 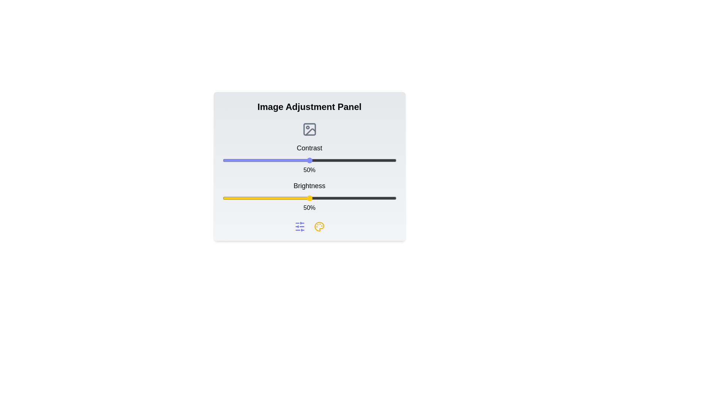 What do you see at coordinates (375, 160) in the screenshot?
I see `the contrast slider to 88%` at bounding box center [375, 160].